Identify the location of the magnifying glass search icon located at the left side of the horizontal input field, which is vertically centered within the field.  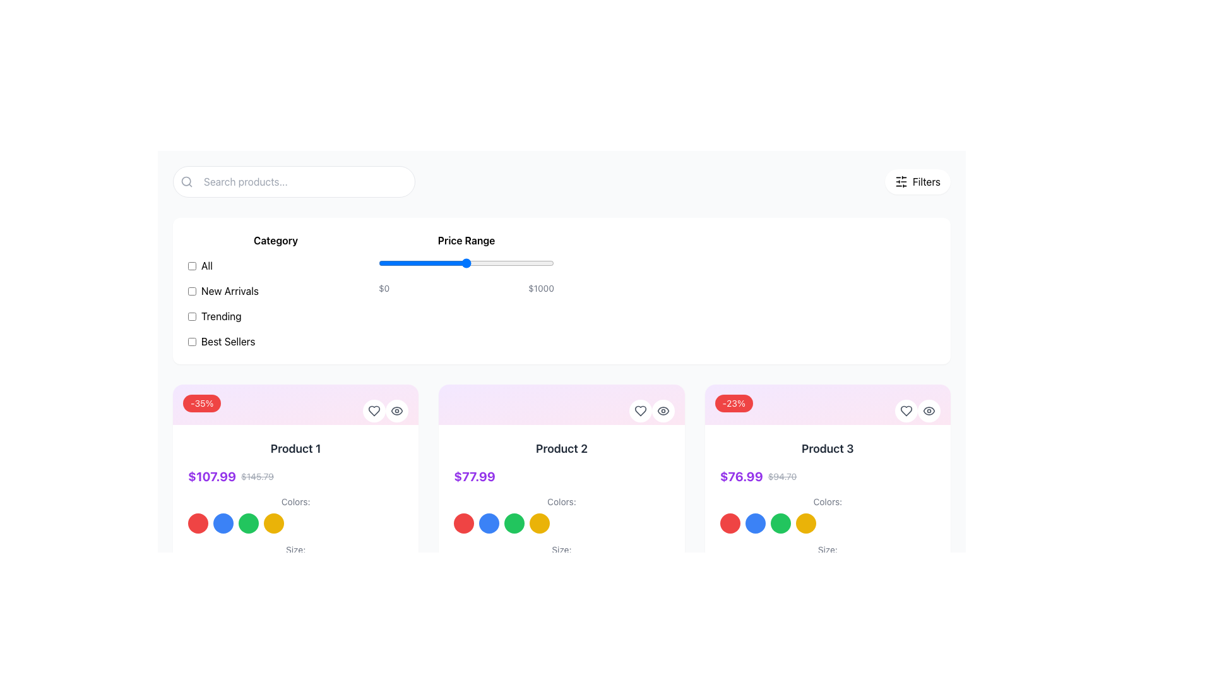
(186, 182).